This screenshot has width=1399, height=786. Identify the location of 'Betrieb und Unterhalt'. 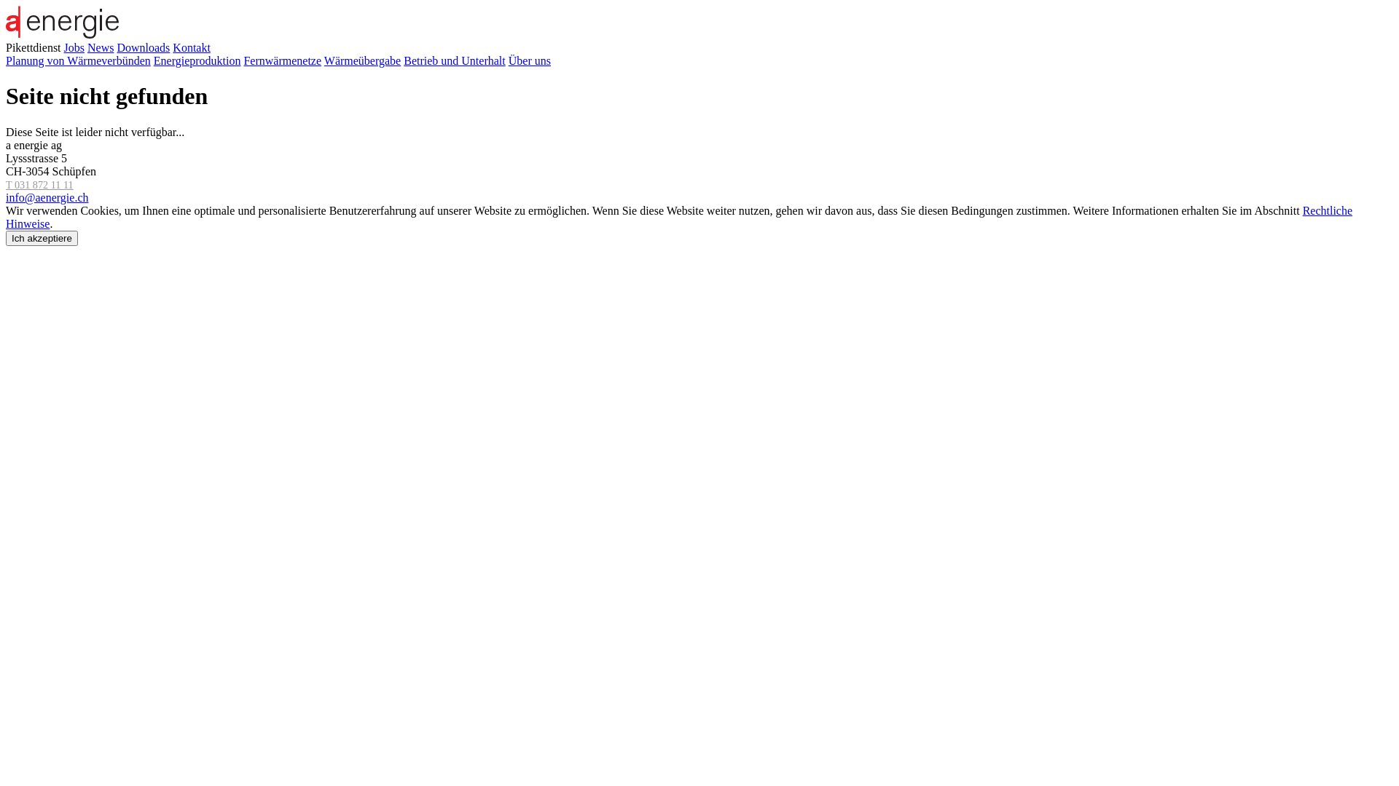
(454, 60).